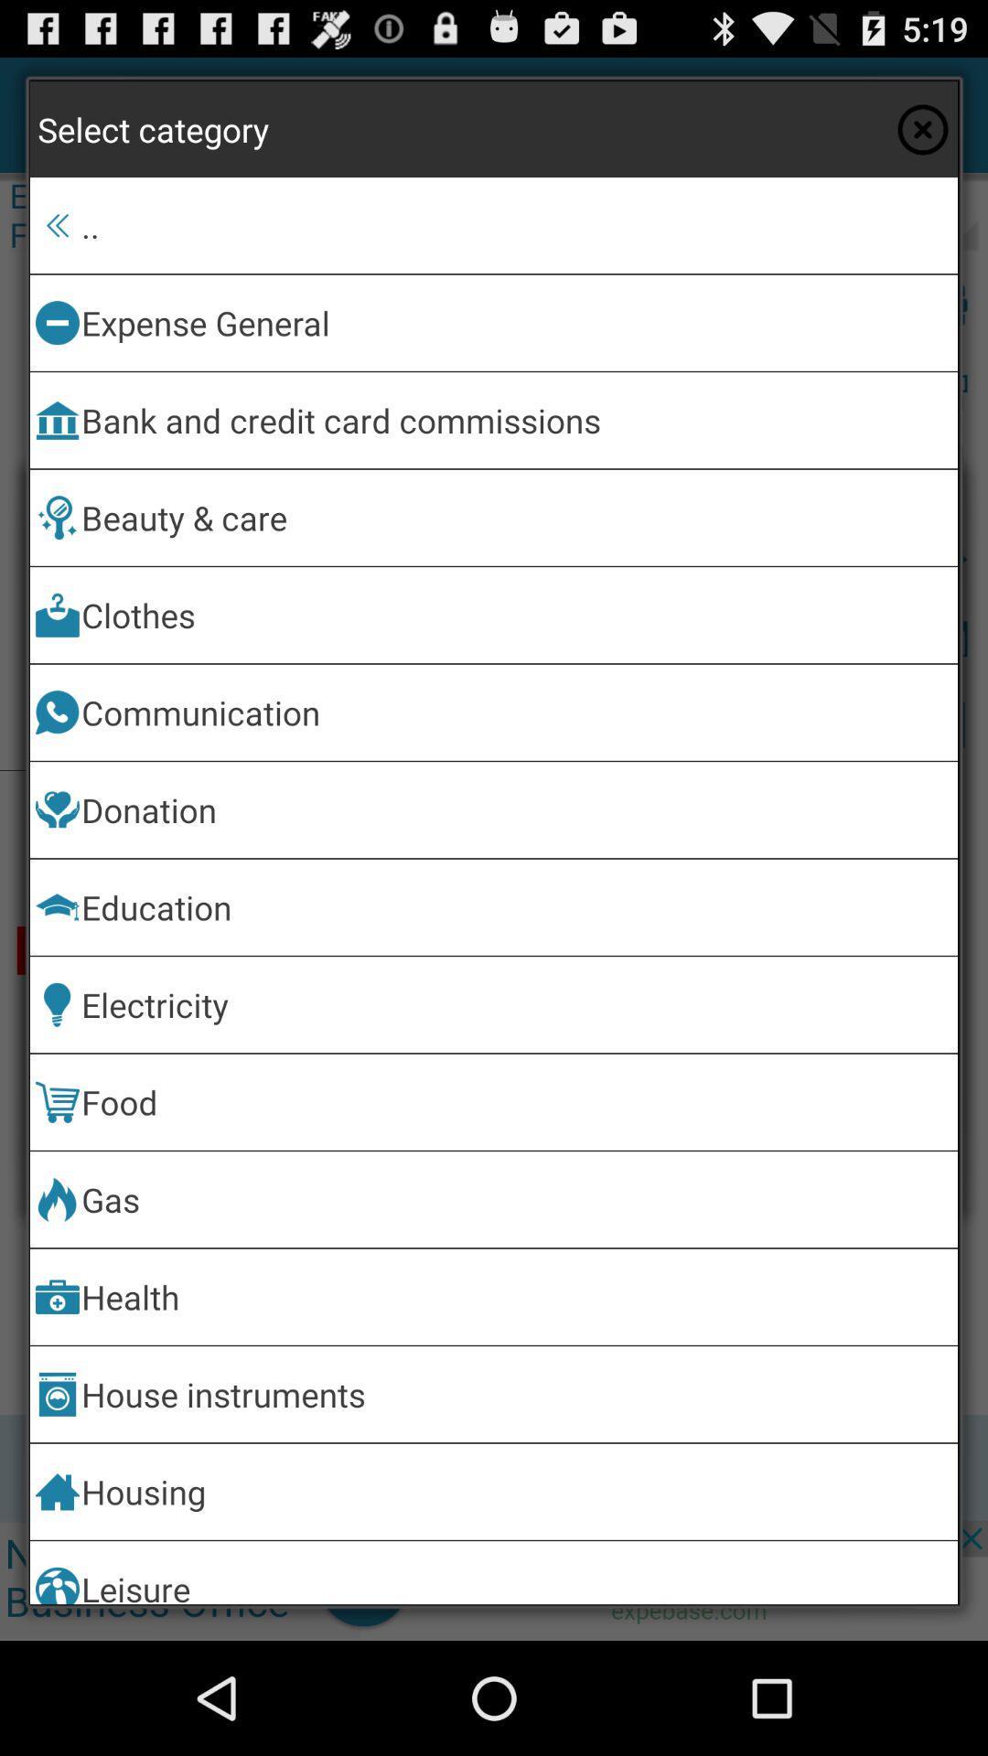 The image size is (988, 1756). I want to click on expense general, so click(516, 323).